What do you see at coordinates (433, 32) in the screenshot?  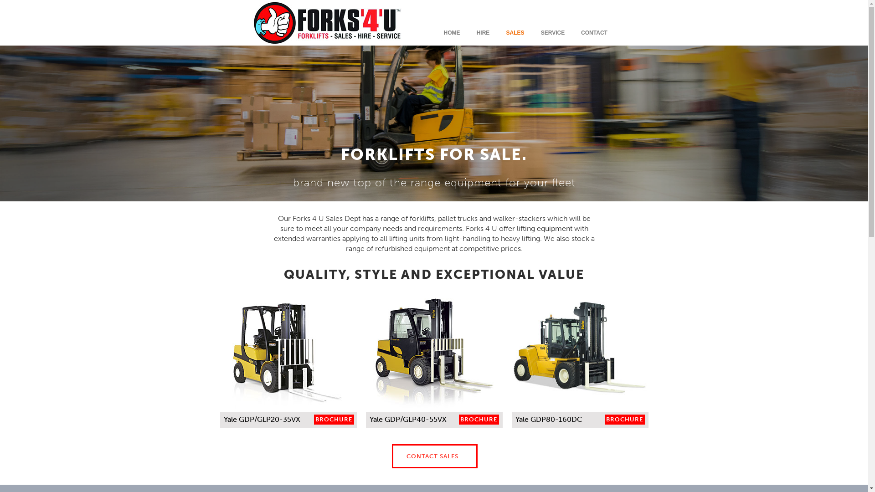 I see `'HOME'` at bounding box center [433, 32].